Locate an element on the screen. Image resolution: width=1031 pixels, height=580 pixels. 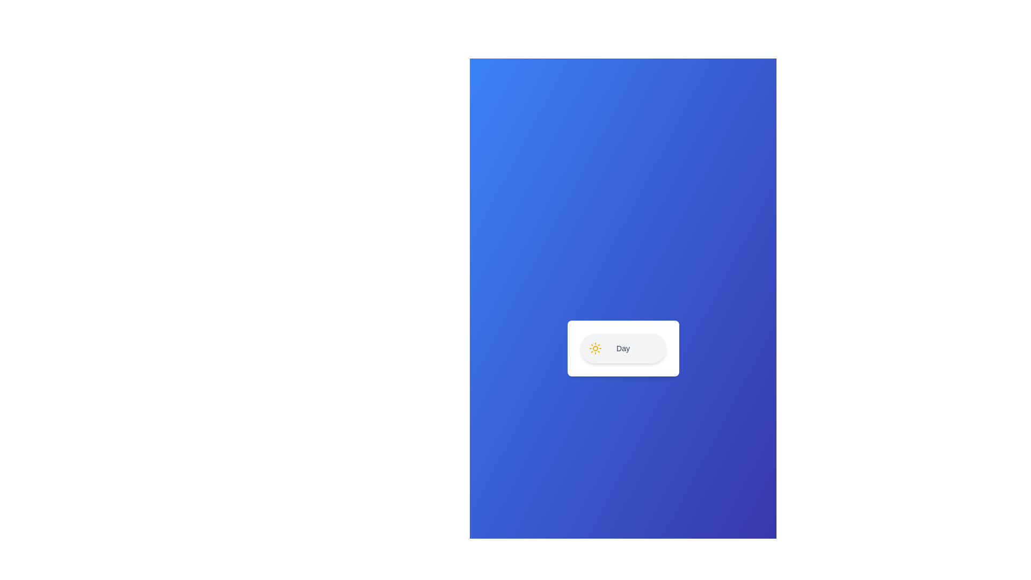
the text label 'Day' to select it is located at coordinates (623, 348).